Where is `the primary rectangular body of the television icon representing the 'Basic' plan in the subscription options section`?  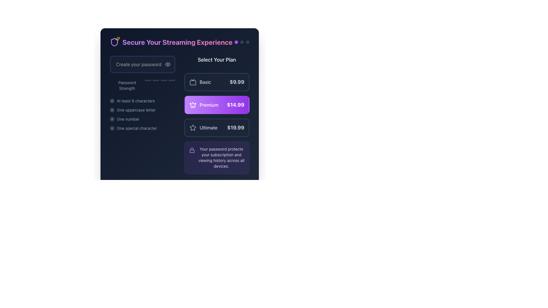
the primary rectangular body of the television icon representing the 'Basic' plan in the subscription options section is located at coordinates (193, 83).